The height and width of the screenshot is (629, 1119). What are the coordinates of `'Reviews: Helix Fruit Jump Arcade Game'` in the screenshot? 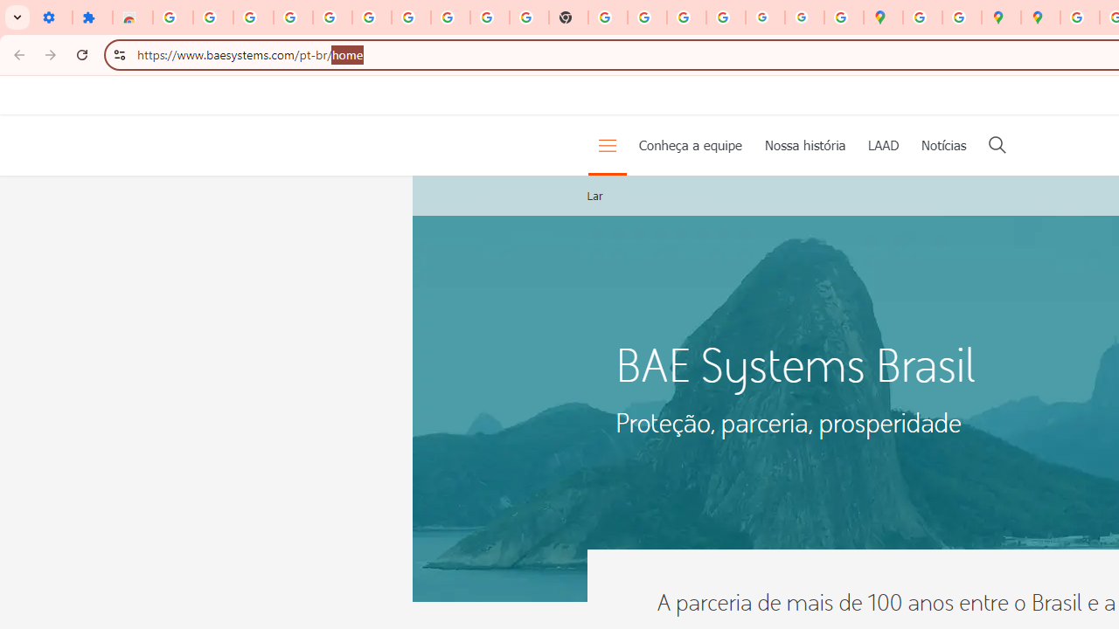 It's located at (132, 17).